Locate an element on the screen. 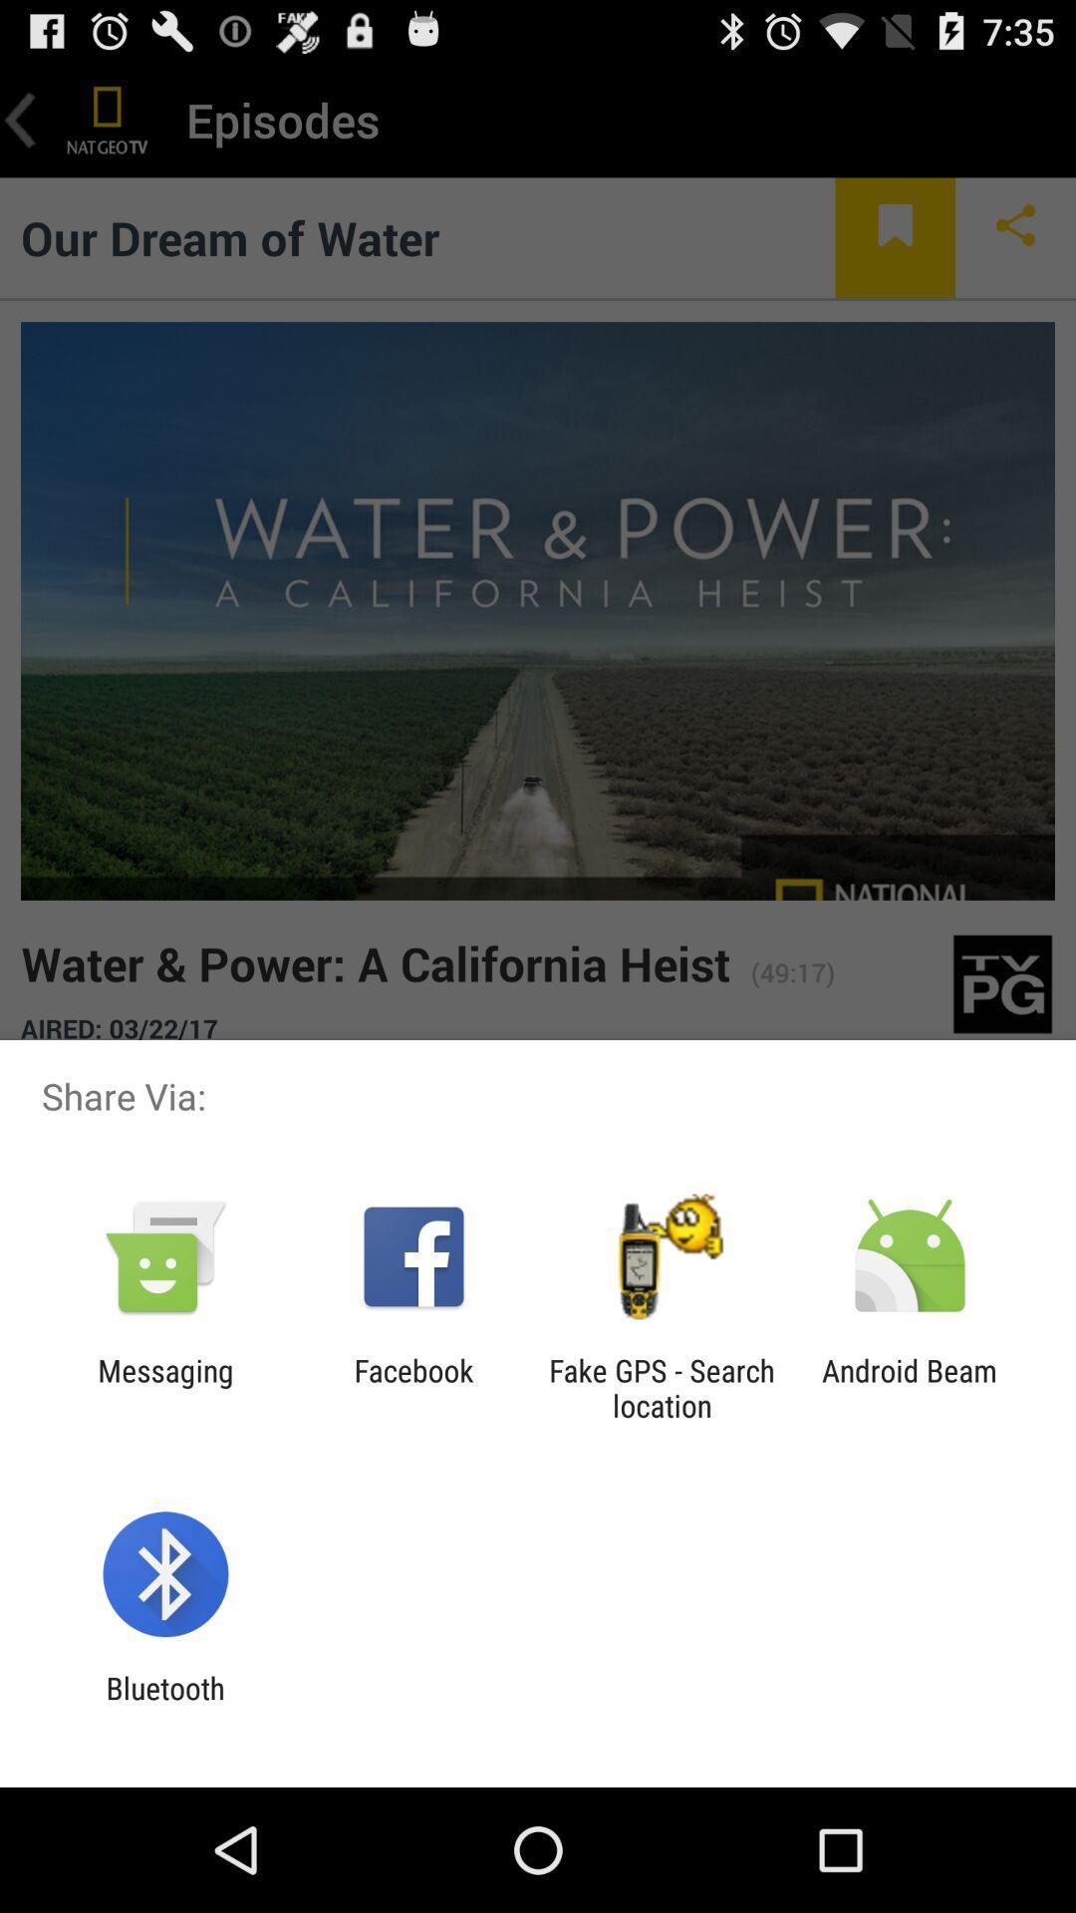 Image resolution: width=1076 pixels, height=1913 pixels. icon next to fake gps search icon is located at coordinates (910, 1387).